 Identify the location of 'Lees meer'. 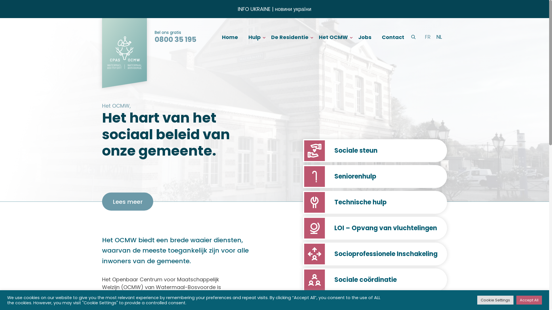
(102, 201).